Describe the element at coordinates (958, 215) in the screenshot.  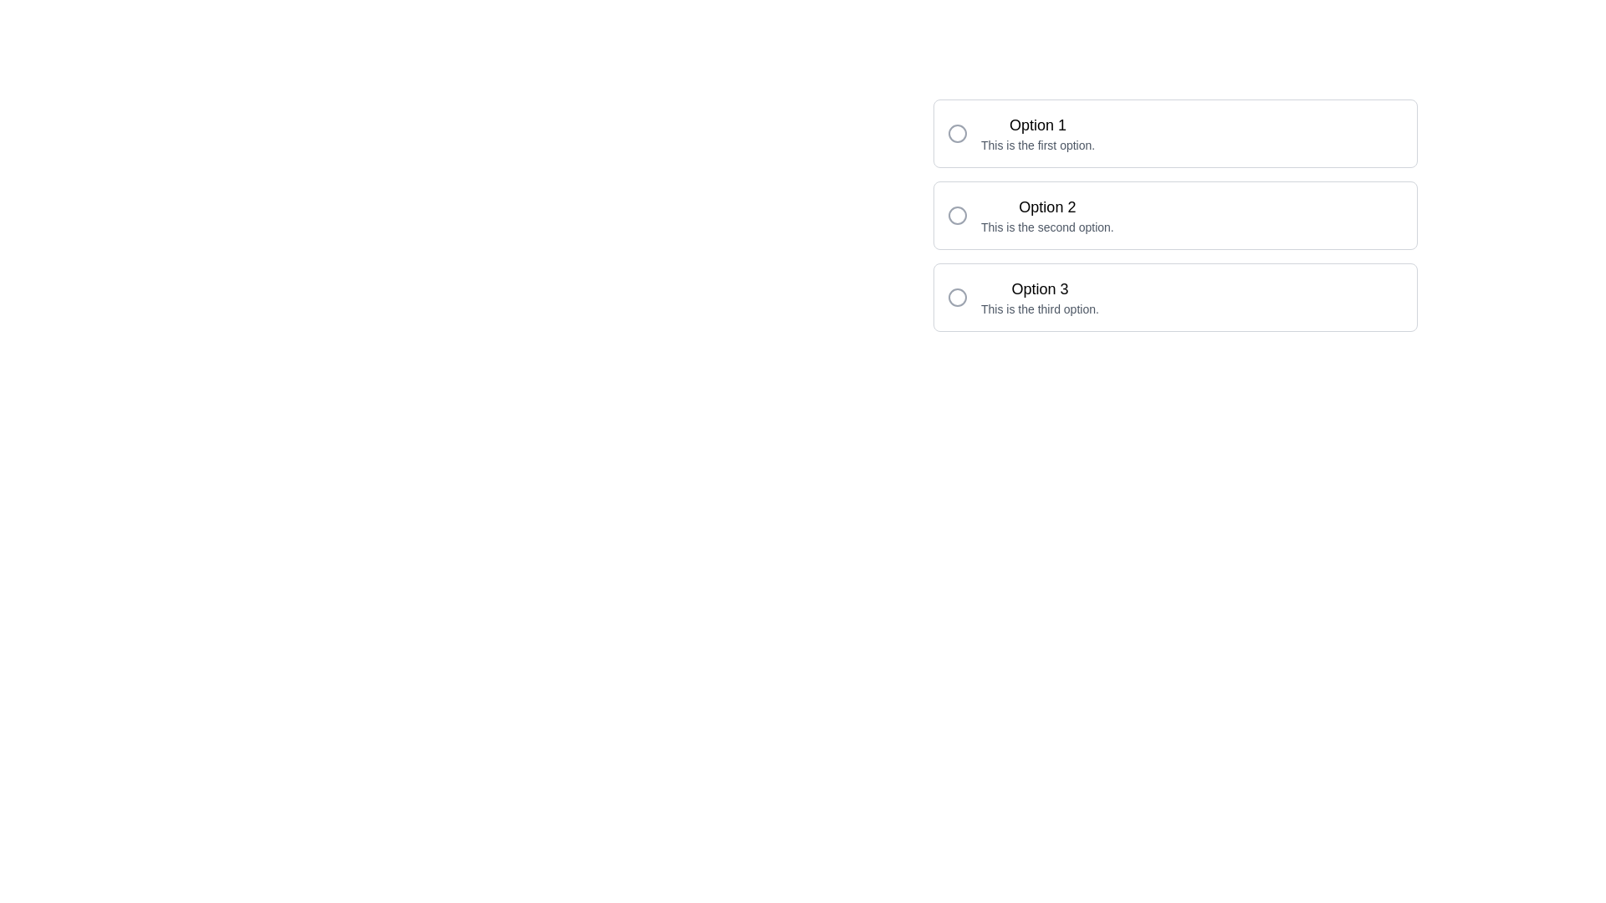
I see `the unselected radio button, which is the second item in a vertical group of three options` at that location.